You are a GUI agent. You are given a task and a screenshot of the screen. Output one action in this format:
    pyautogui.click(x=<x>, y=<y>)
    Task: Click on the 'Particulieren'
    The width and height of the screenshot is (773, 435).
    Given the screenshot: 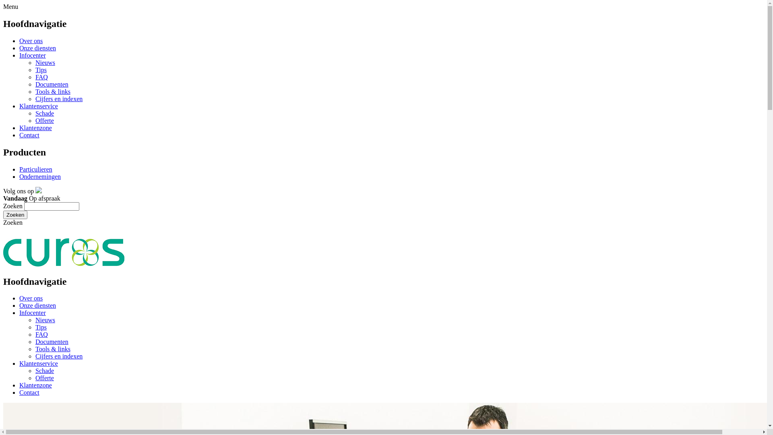 What is the action you would take?
    pyautogui.click(x=35, y=169)
    